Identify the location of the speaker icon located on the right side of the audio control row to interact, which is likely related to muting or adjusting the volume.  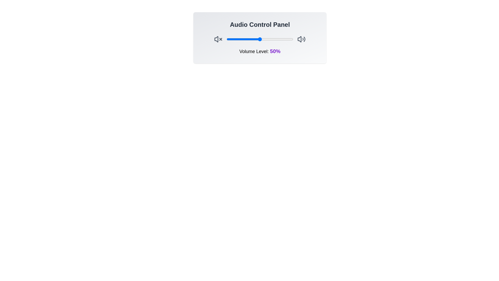
(299, 39).